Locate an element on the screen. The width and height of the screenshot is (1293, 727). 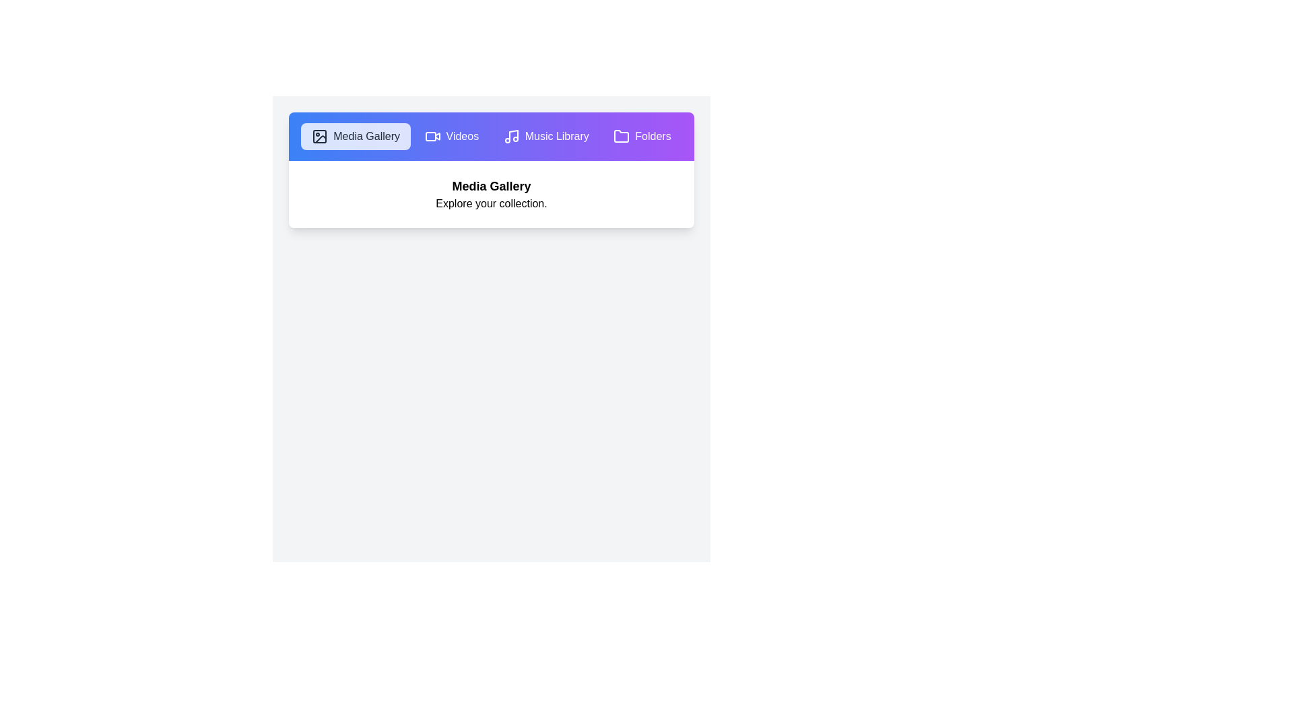
'Videos' text label located in the second position from the left in the navigation bar, which guides users to the 'Videos' functionality of the application is located at coordinates (462, 137).